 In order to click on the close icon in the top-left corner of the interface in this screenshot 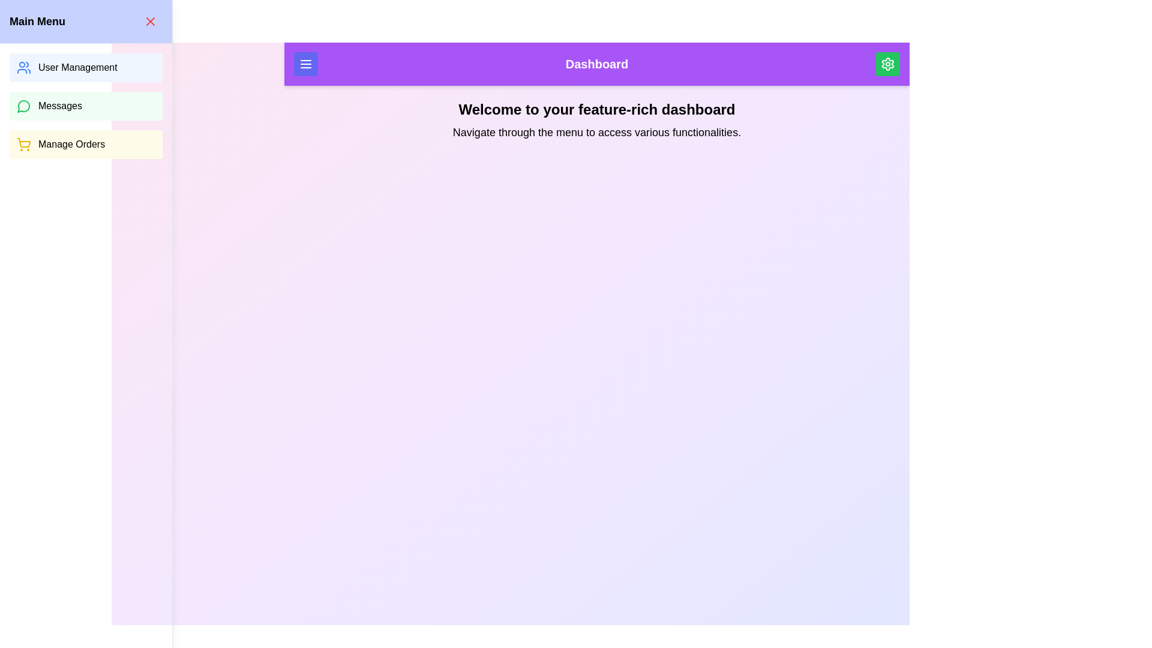, I will do `click(149, 21)`.